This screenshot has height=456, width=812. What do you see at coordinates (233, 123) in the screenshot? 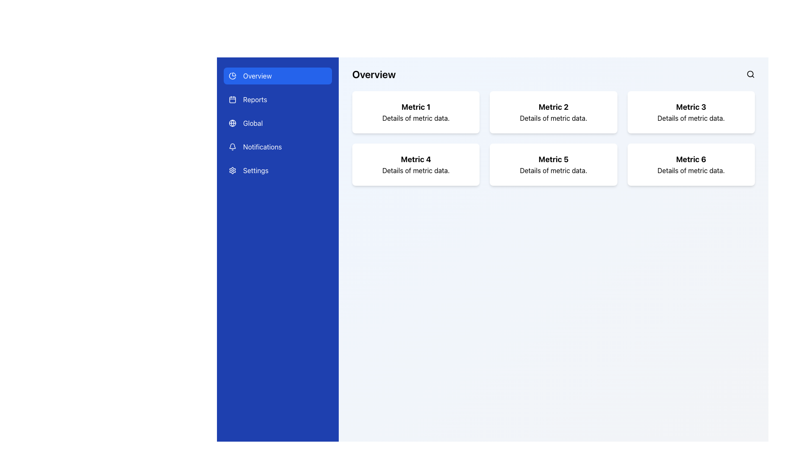
I see `the globe icon in the sidebar menu` at bounding box center [233, 123].